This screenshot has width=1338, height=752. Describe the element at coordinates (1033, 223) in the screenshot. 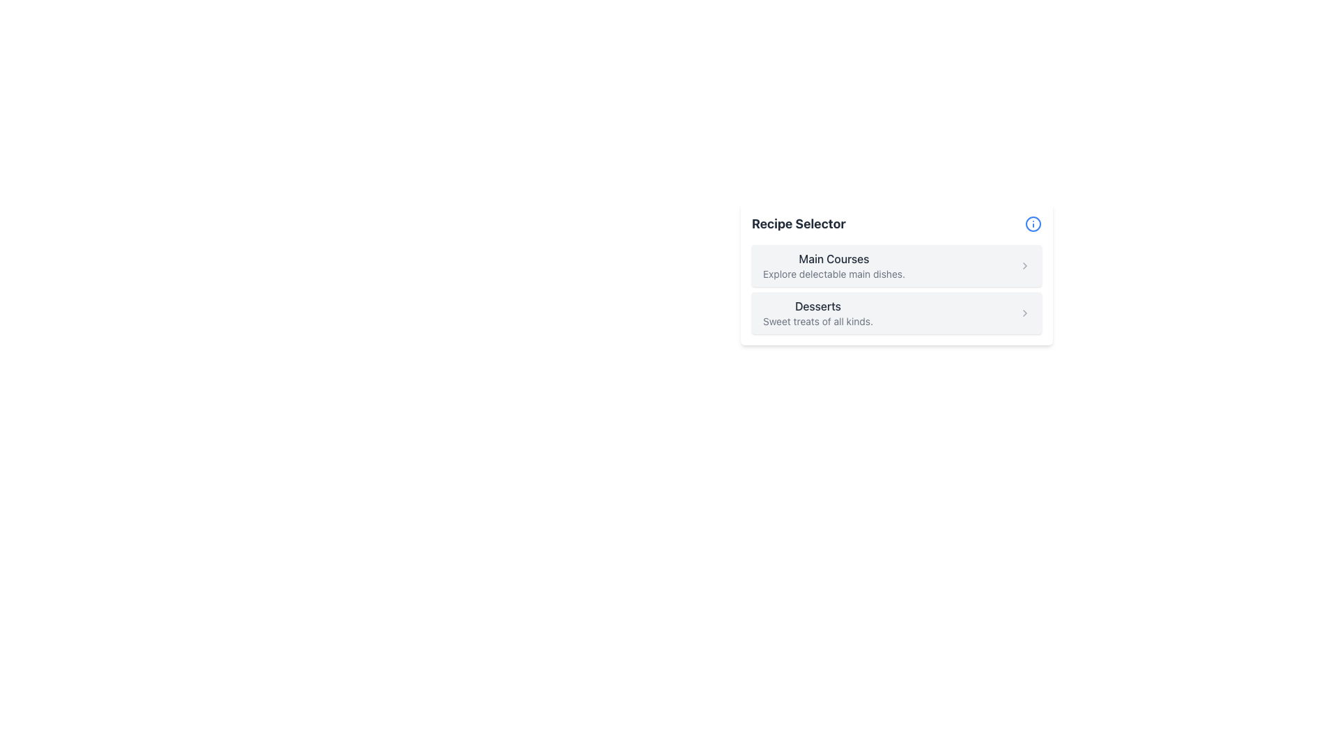

I see `the outer circle of the information icon in the top-right corner of the 'Recipe Selector' panel, which is represented by a circular vector graphics element in the SVG` at that location.